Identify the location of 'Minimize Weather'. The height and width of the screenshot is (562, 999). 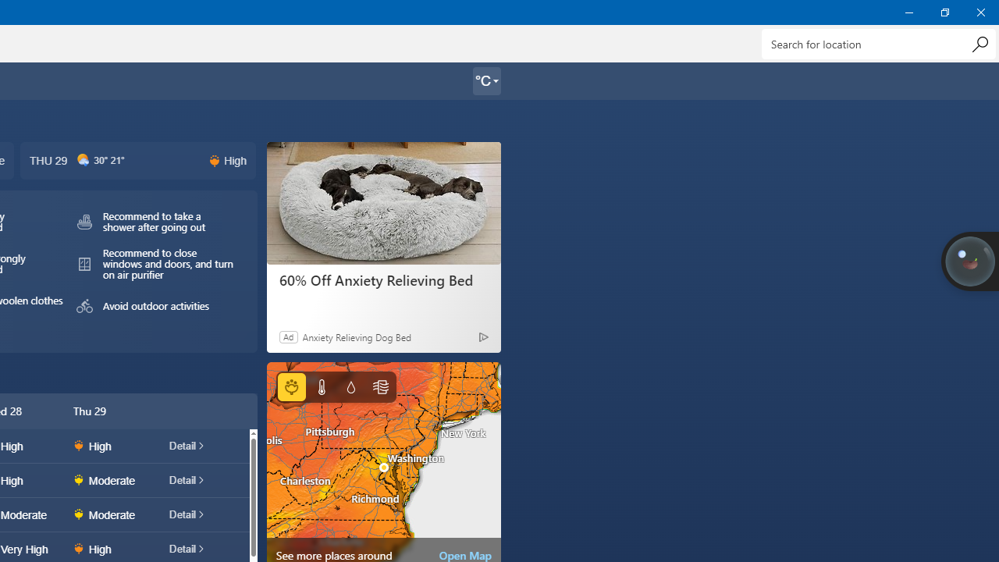
(908, 12).